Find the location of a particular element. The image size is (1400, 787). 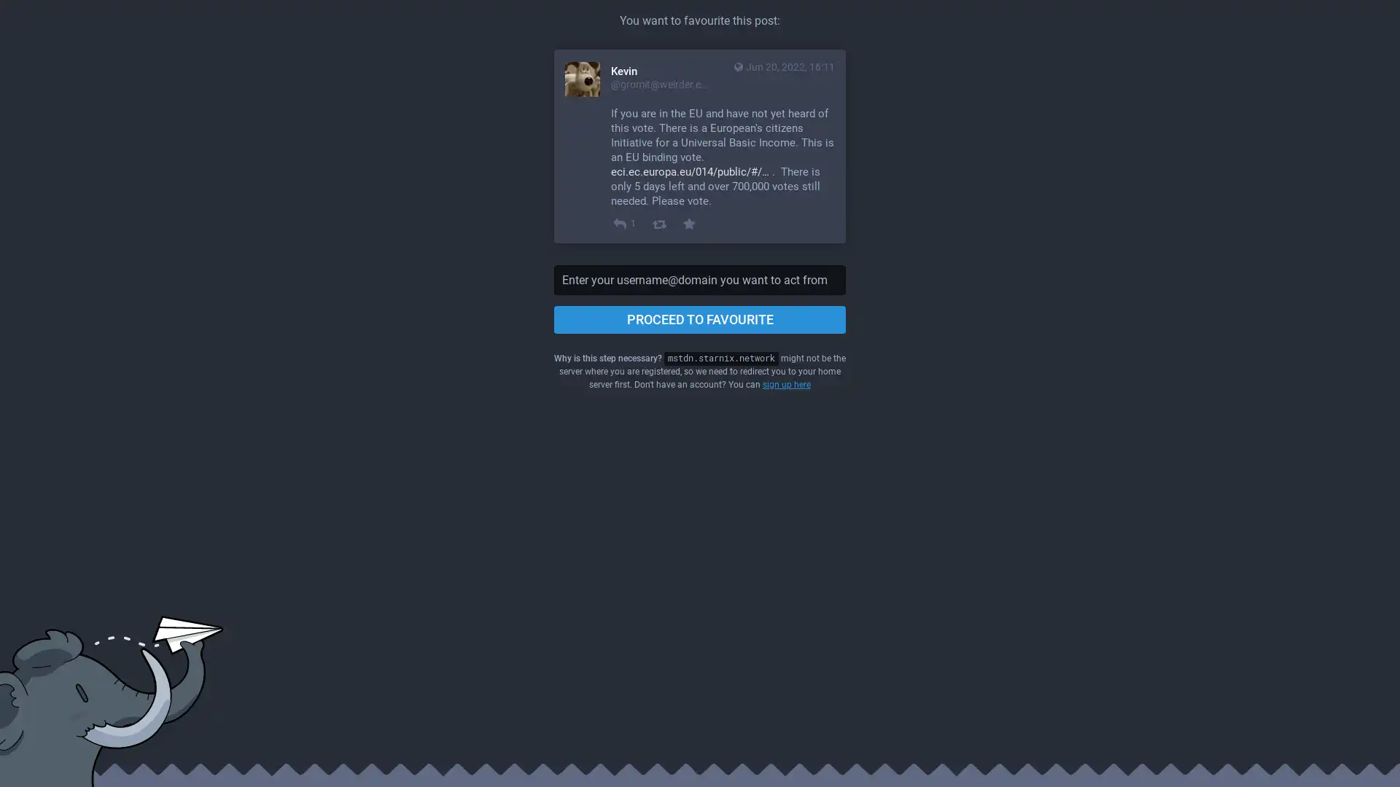

PROCEED TO FAVOURITE is located at coordinates (700, 319).